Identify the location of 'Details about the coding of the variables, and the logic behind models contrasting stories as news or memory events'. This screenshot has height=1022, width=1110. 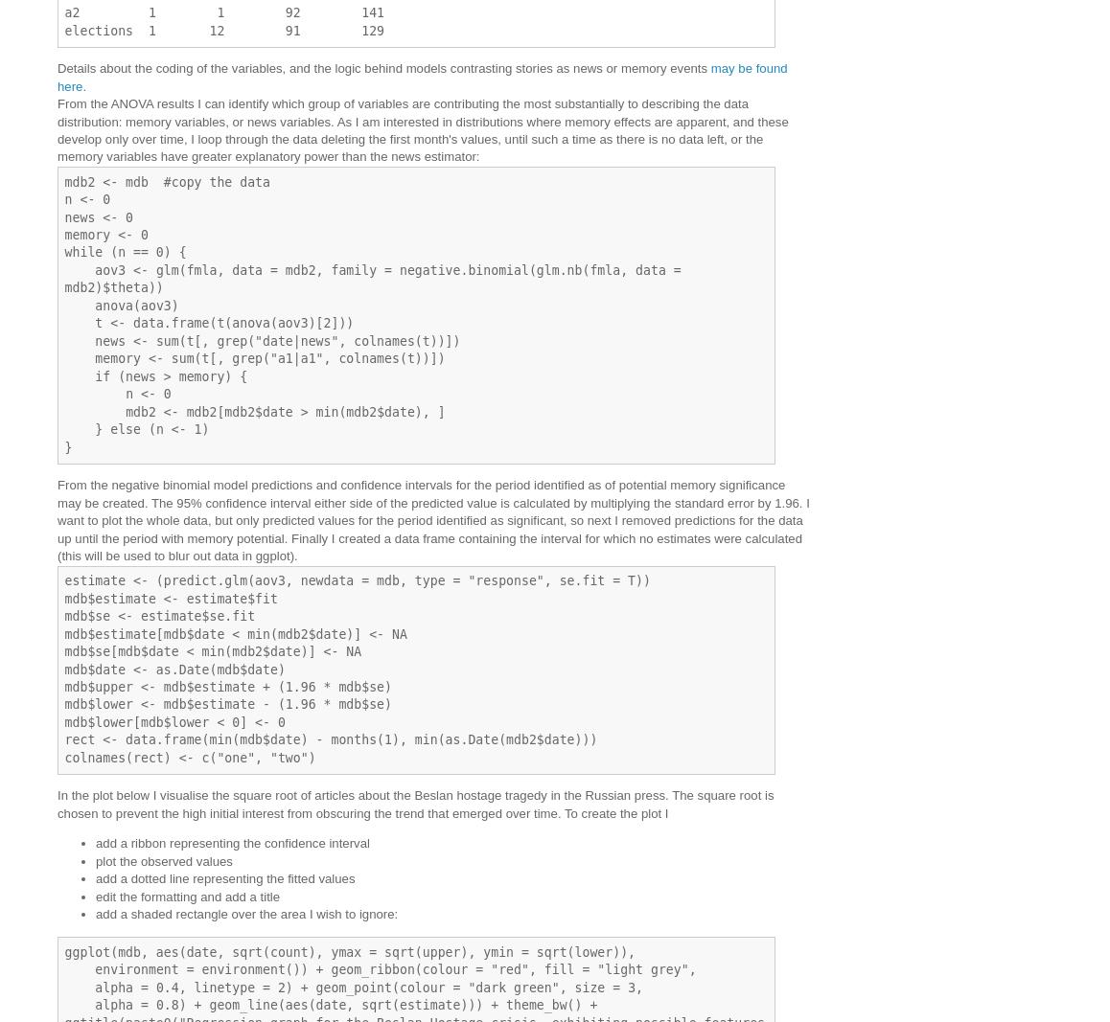
(382, 67).